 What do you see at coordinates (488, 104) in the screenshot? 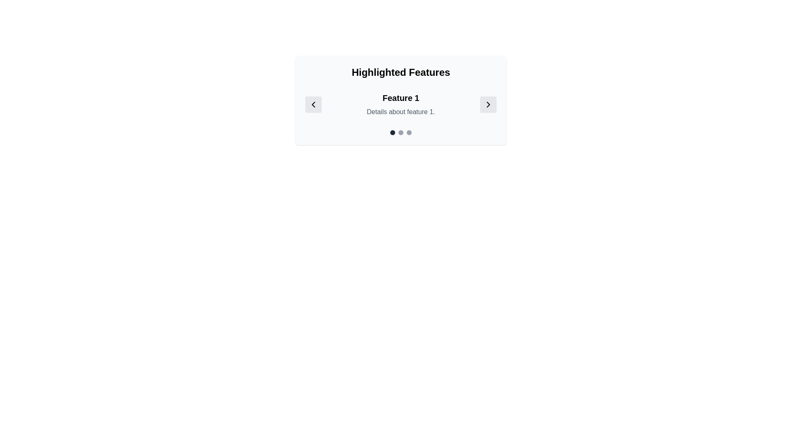
I see `the rightward-pointing chevron icon within the rightward navigation button` at bounding box center [488, 104].